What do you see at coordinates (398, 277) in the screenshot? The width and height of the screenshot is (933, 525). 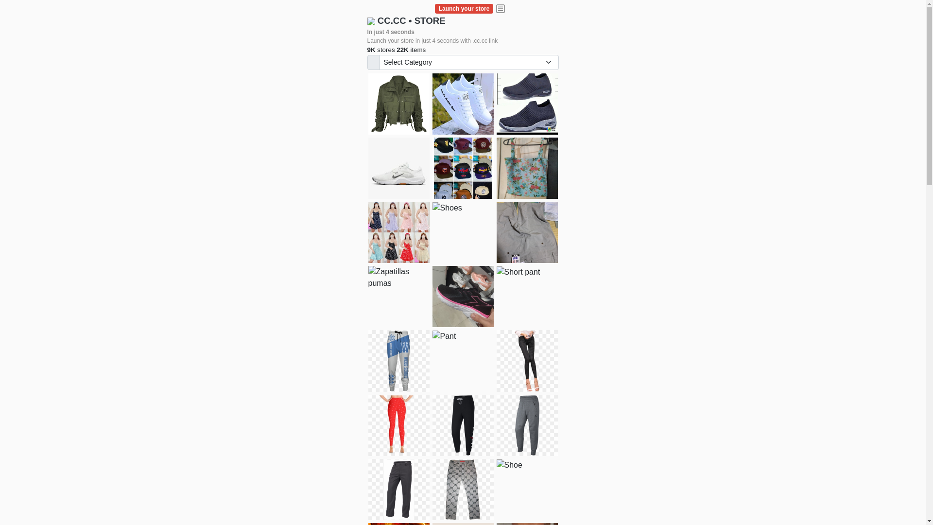 I see `'Zapatillas pumas'` at bounding box center [398, 277].